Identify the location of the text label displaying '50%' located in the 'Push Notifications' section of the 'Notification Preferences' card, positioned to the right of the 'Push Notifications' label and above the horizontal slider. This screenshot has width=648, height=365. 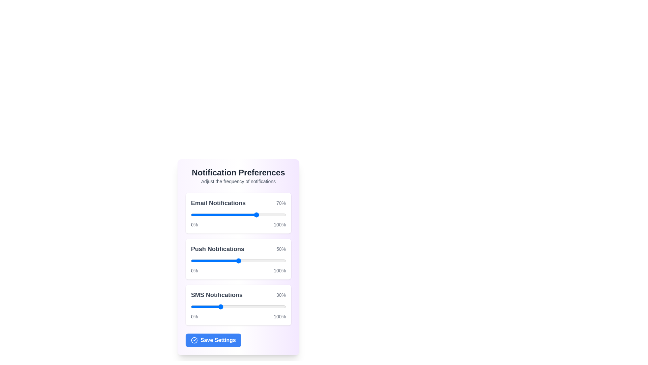
(281, 249).